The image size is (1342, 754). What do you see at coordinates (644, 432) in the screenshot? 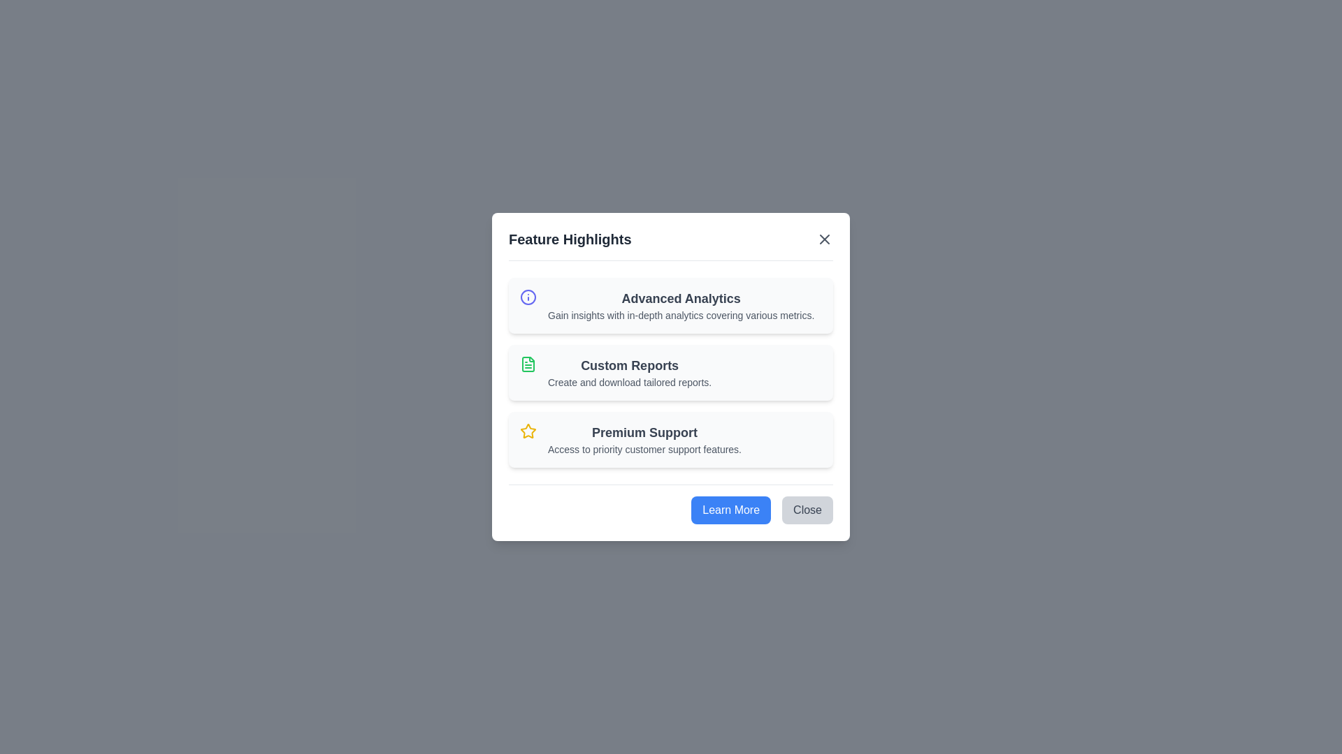
I see `the Premium Support title text label, which is visually distinct and positioned in the center of the modal view, above the description text` at bounding box center [644, 432].